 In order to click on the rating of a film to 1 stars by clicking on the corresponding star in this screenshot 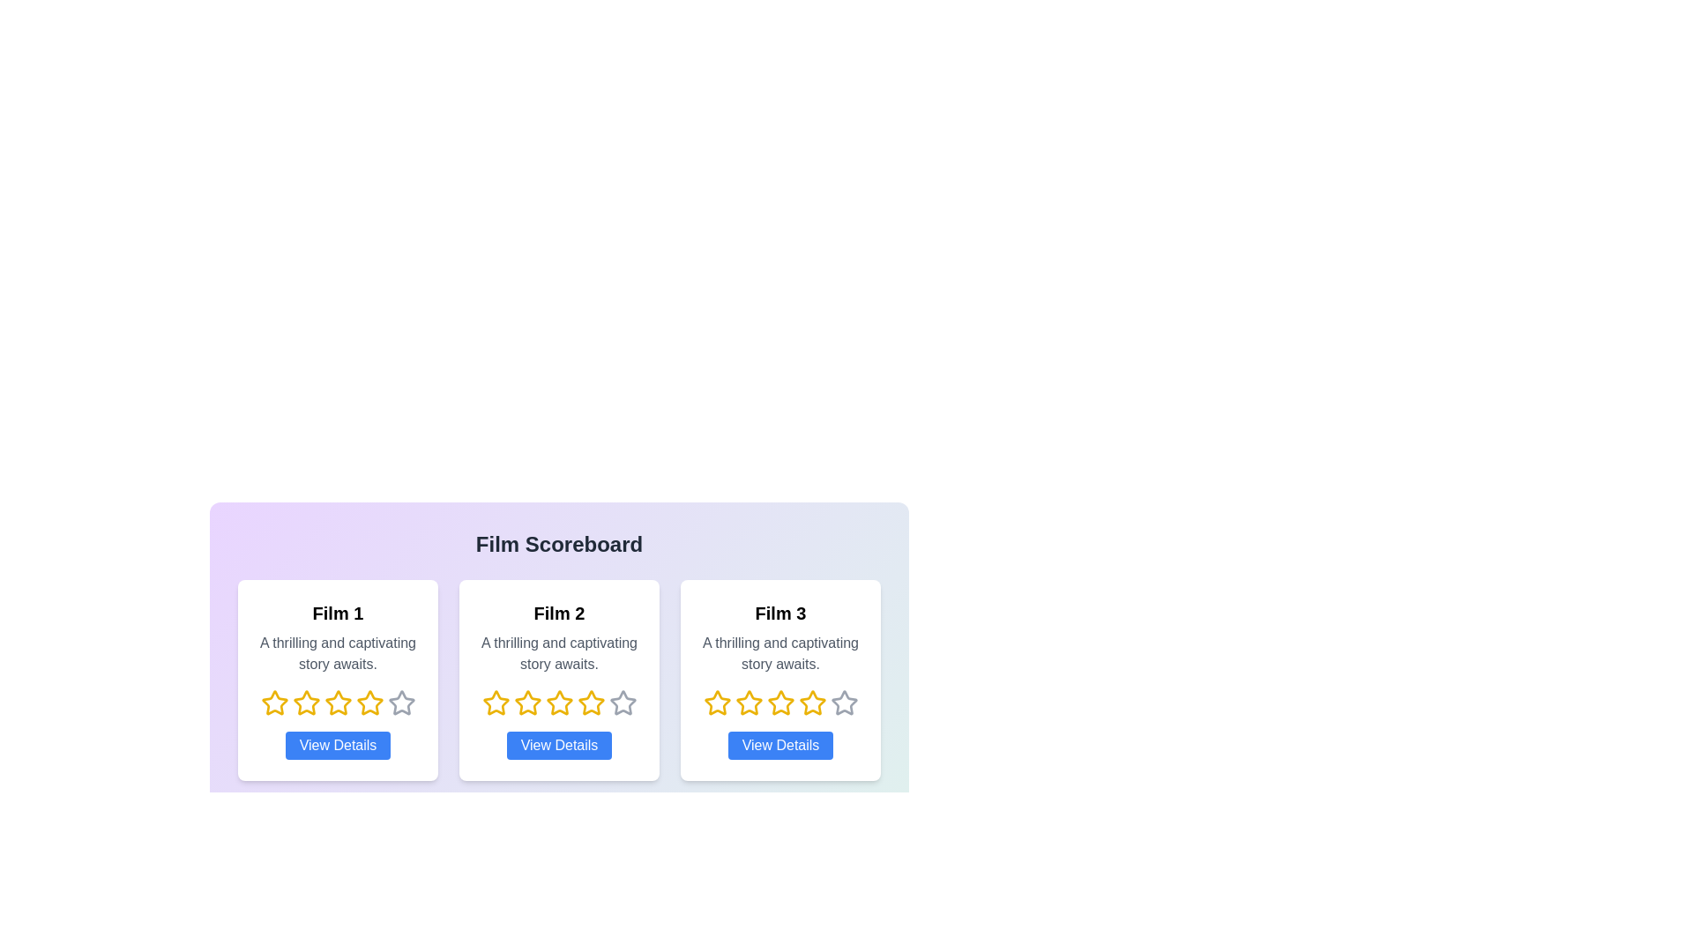, I will do `click(273, 703)`.